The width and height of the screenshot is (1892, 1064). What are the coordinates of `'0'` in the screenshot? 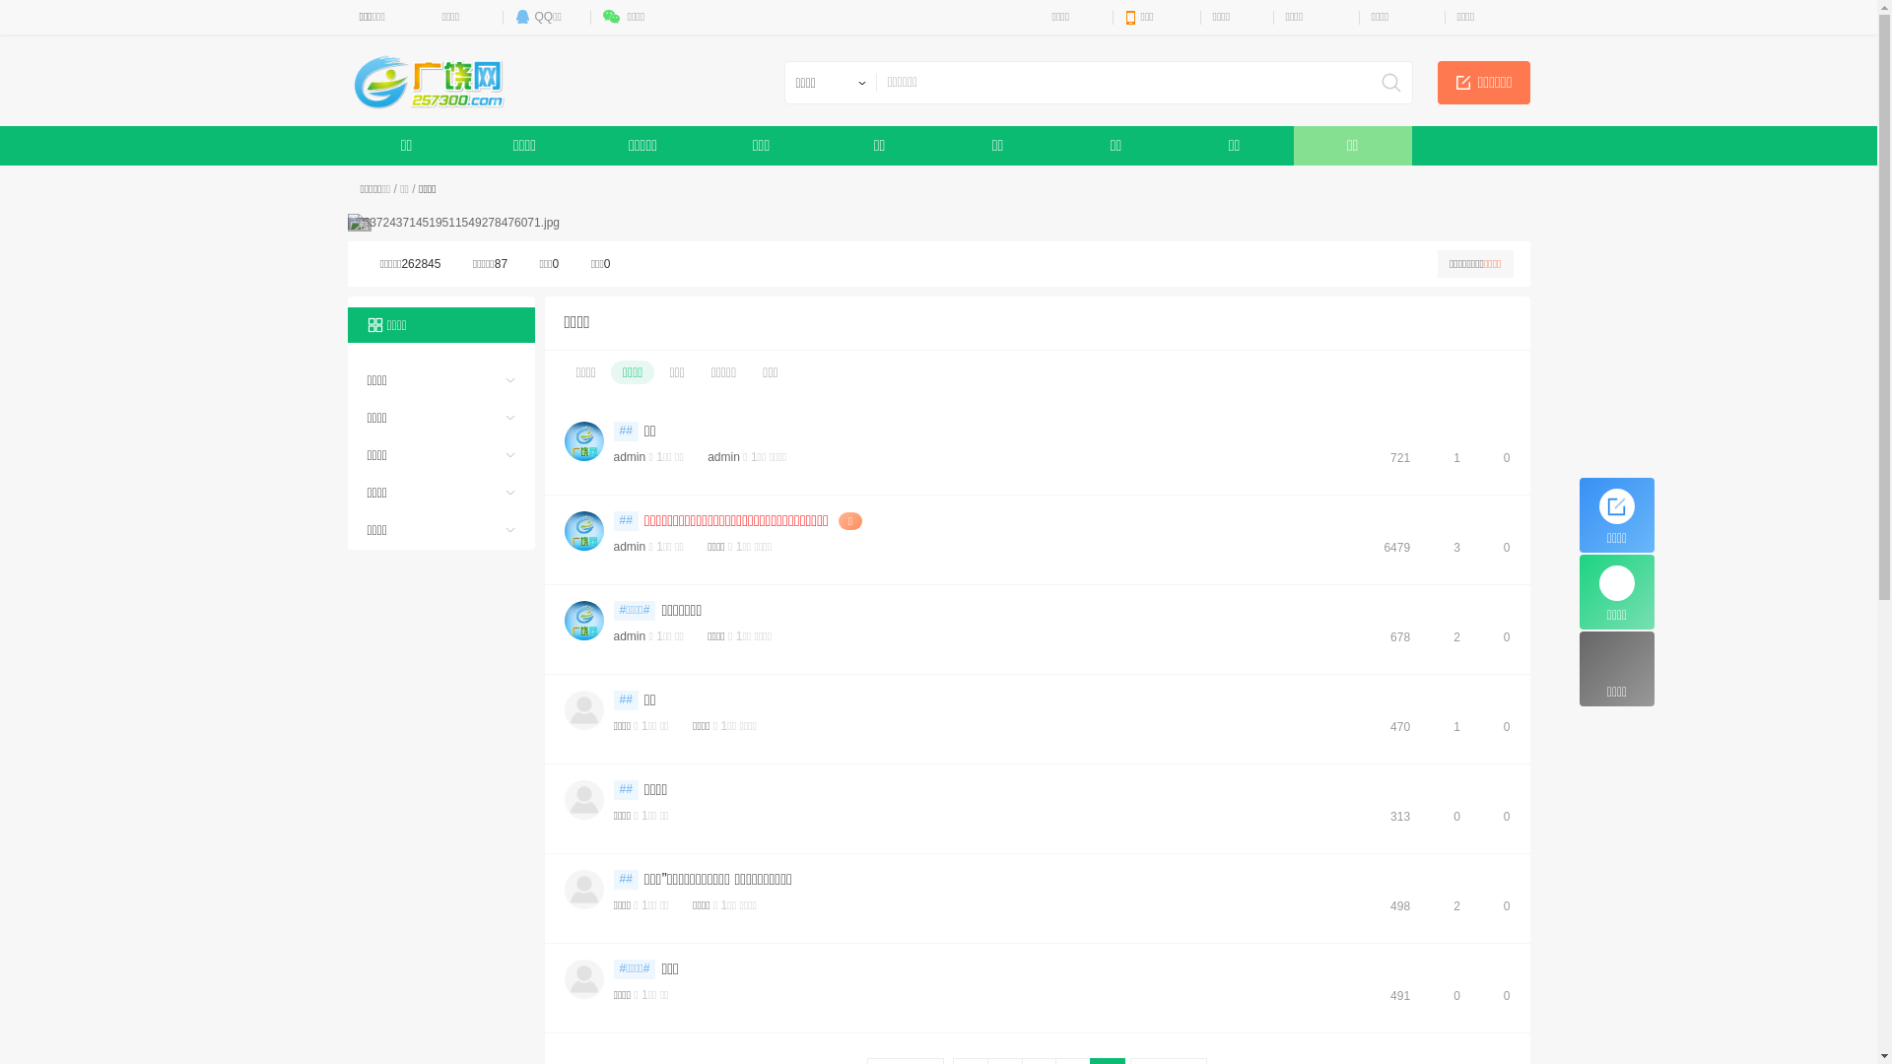 It's located at (1498, 458).